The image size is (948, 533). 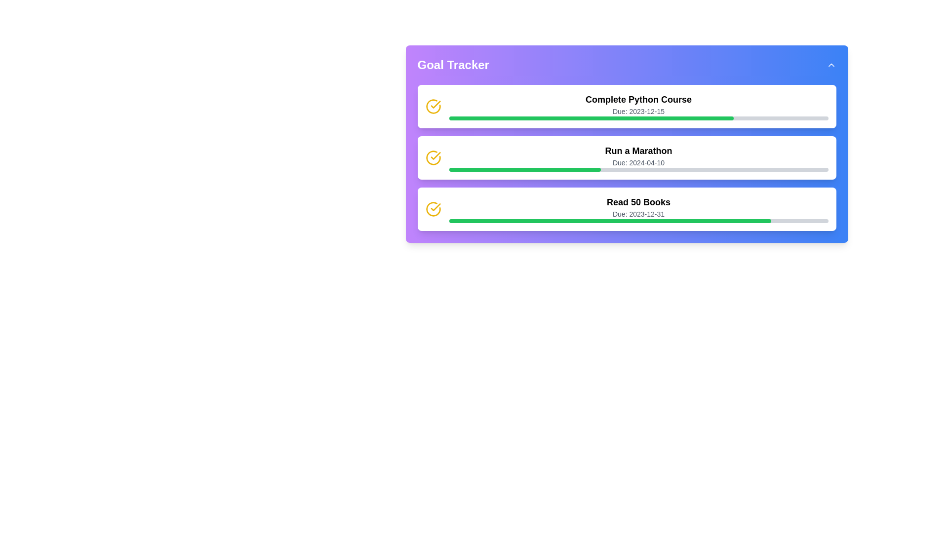 What do you see at coordinates (638, 111) in the screenshot?
I see `the text snippet displaying 'Due: 2023-12-15' located beneath the title 'Complete Python Course' in the card-like interface` at bounding box center [638, 111].